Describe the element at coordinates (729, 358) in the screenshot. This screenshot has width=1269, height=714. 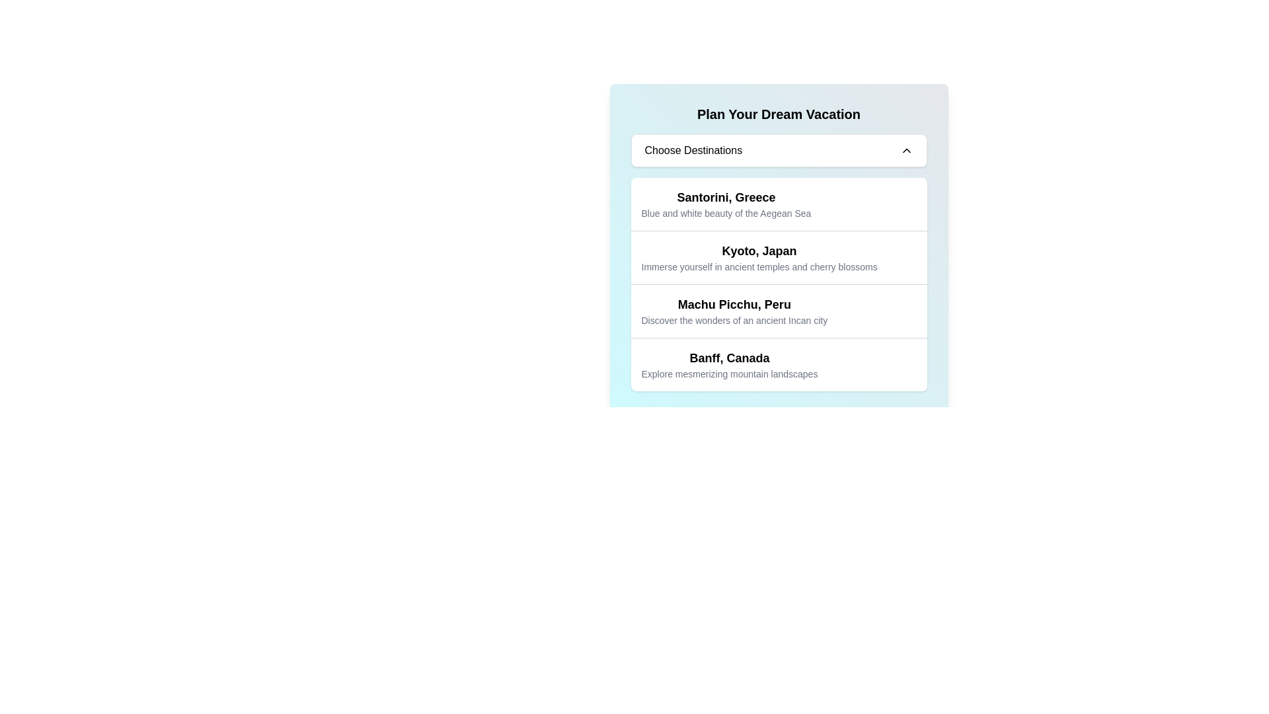
I see `the text label displaying 'Banff, Canada', which is a prominent heading in bold font, located in the lower portion of a card list` at that location.